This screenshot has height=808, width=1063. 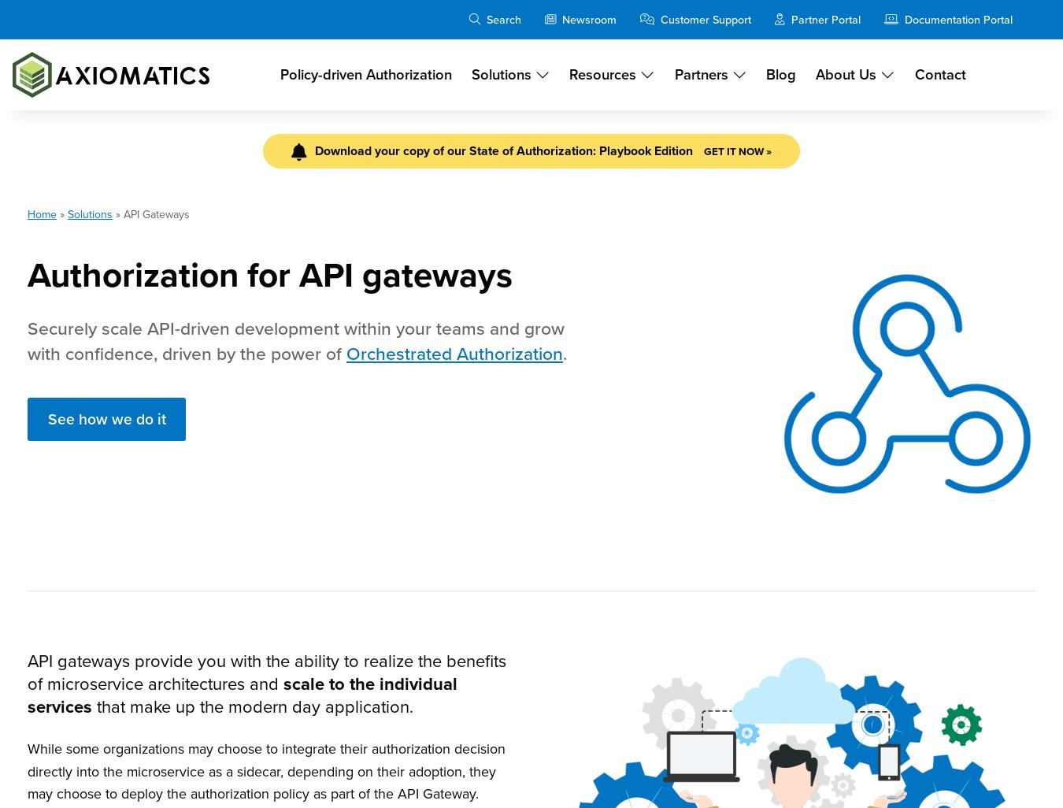 What do you see at coordinates (531, 532) in the screenshot?
I see `'Learn more'` at bounding box center [531, 532].